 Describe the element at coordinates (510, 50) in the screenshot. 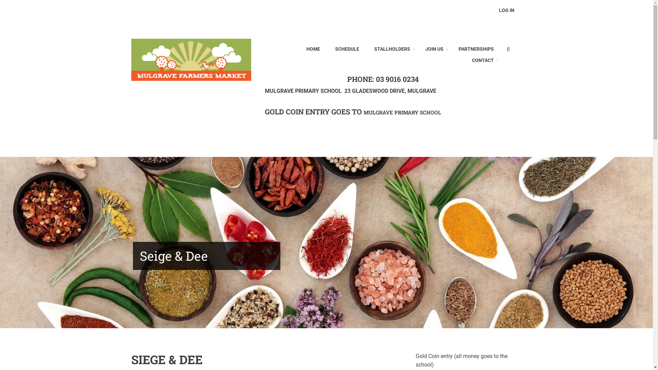

I see `'Search'` at that location.